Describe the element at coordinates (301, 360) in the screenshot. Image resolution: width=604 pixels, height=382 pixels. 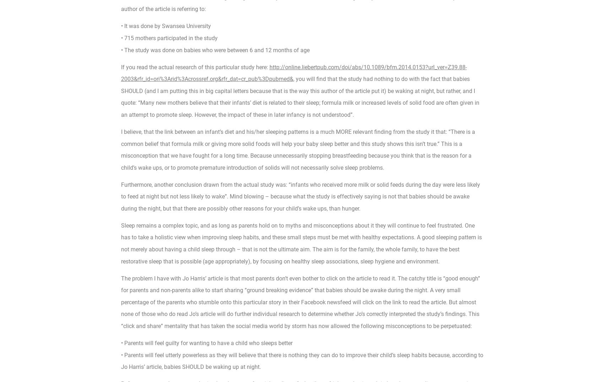
I see `'• Parents will feel utterly powerless as they will believe that there is nothing they can do to improve their child’s sleep habits because, according to Jo Harris’ article, babies SHOULD be waking up at night.'` at that location.